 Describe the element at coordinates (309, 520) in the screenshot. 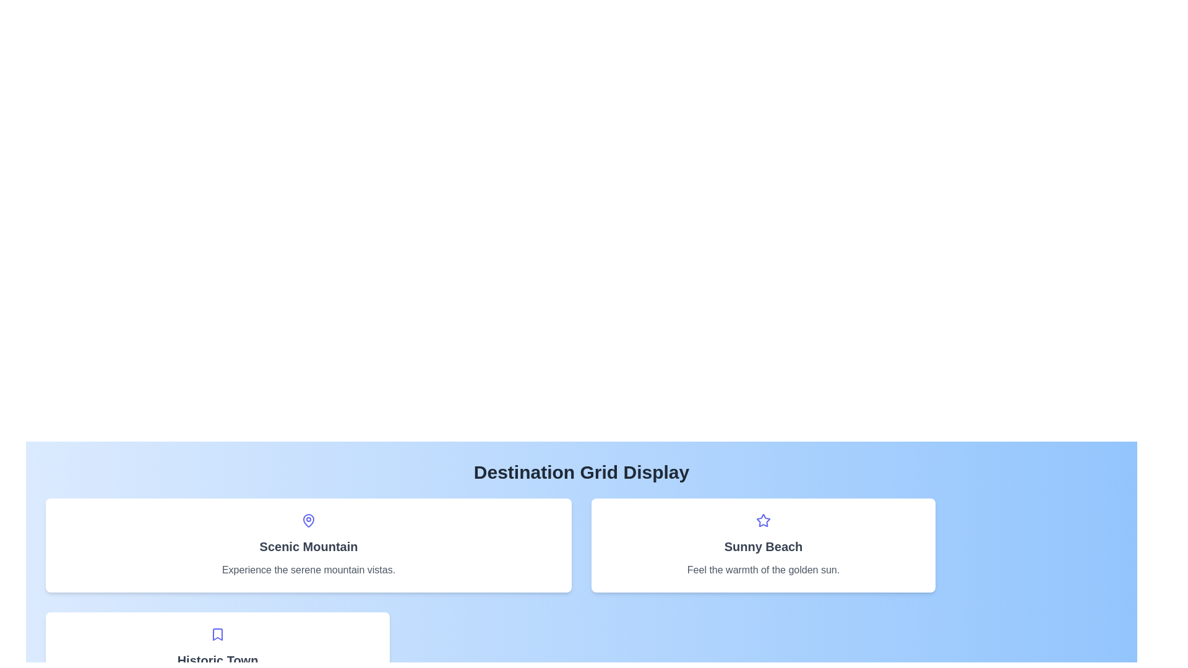

I see `the decorative pin icon located in the middle of the page interface, which signifies a location related to the 'Scenic Mountain' card` at that location.